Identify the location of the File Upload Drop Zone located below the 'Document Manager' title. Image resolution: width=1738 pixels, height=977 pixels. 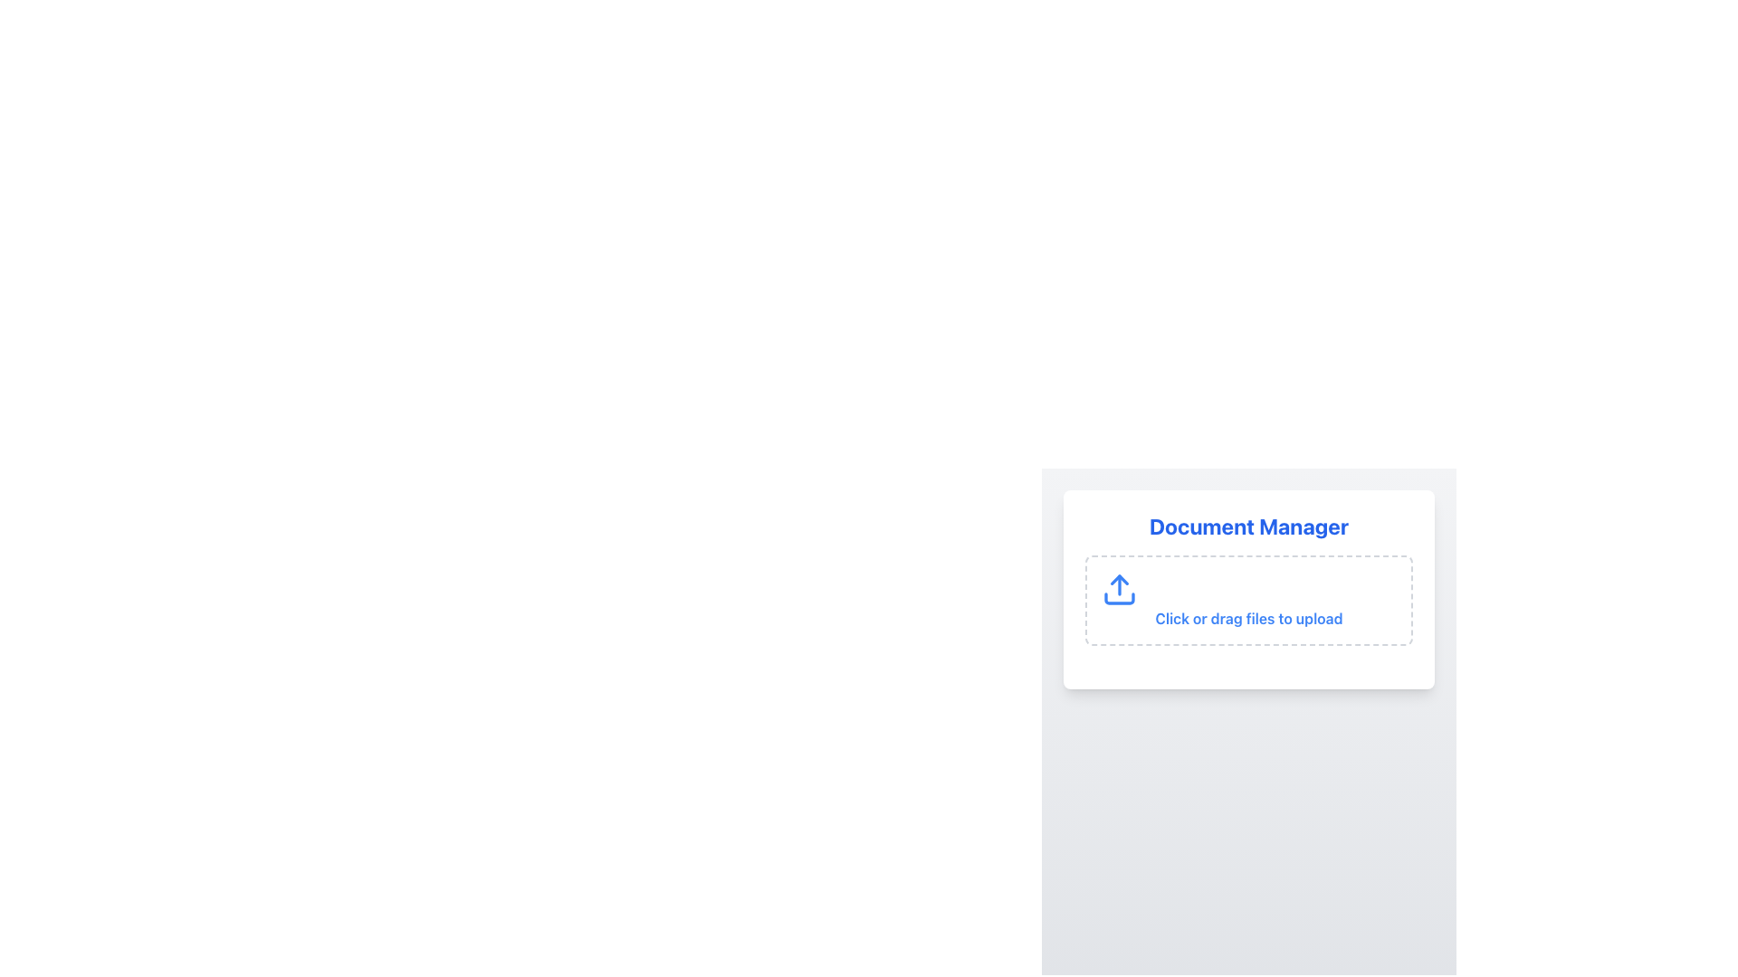
(1248, 589).